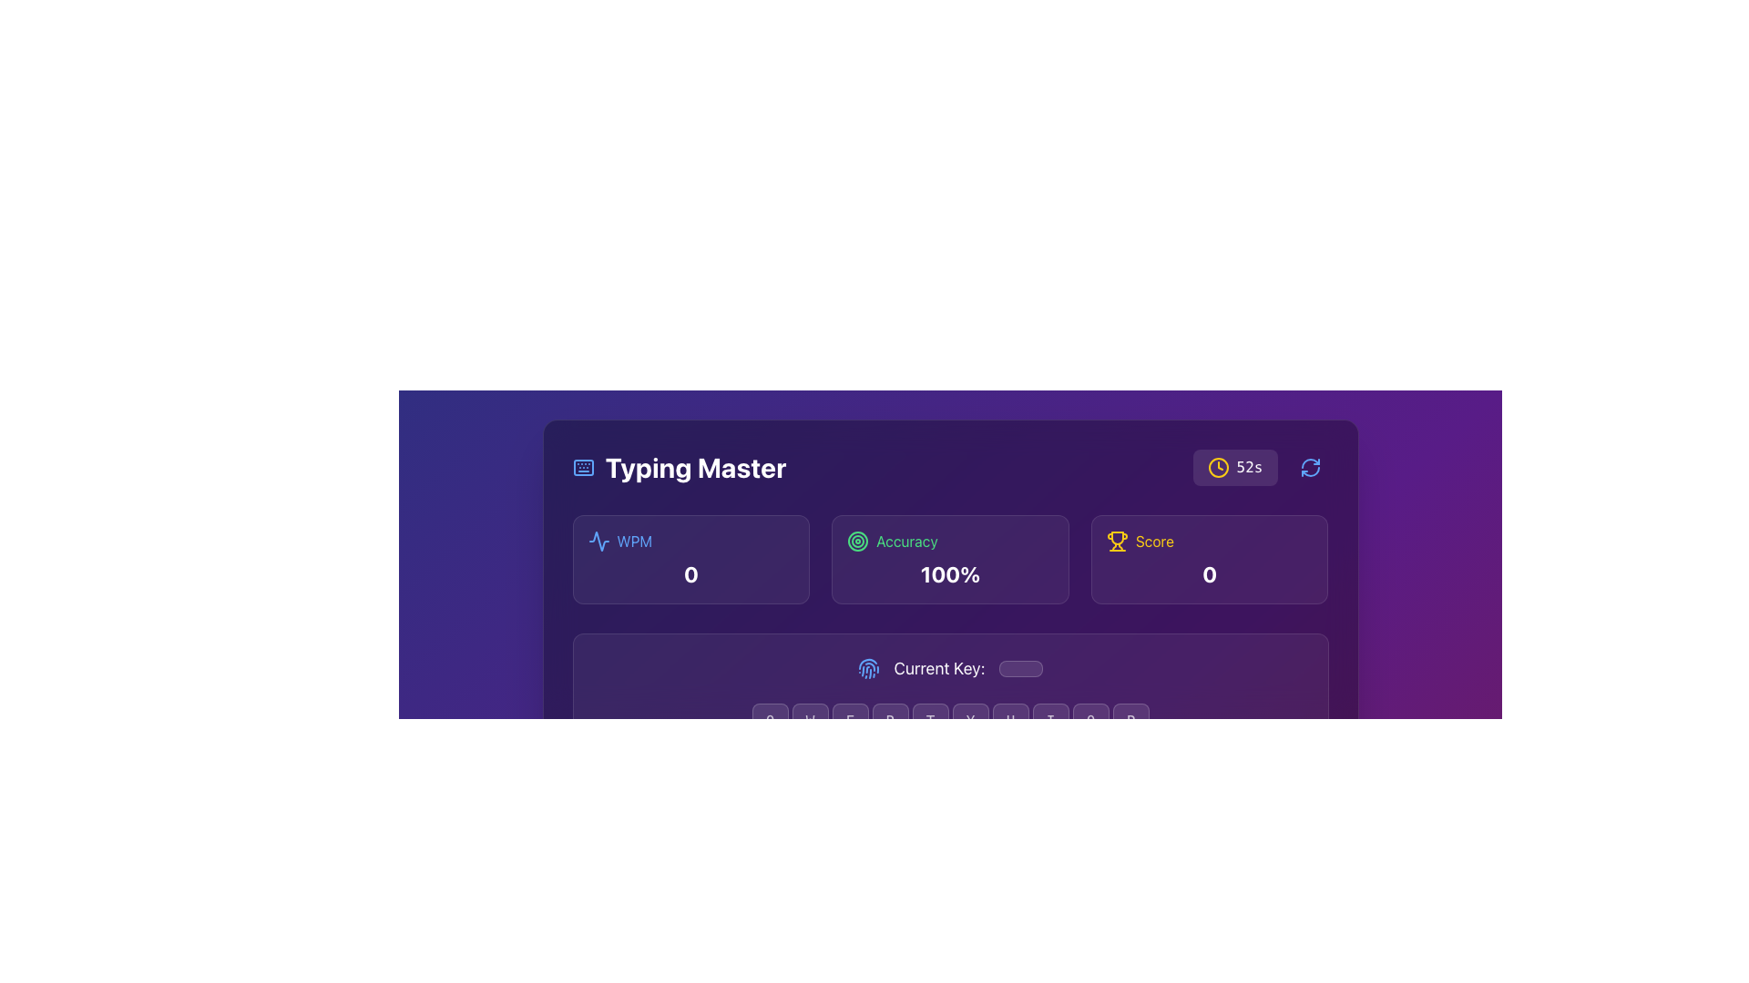 This screenshot has height=983, width=1749. Describe the element at coordinates (1309, 466) in the screenshot. I see `the reset or refresh button icon located at the top-right corner of the interface` at that location.